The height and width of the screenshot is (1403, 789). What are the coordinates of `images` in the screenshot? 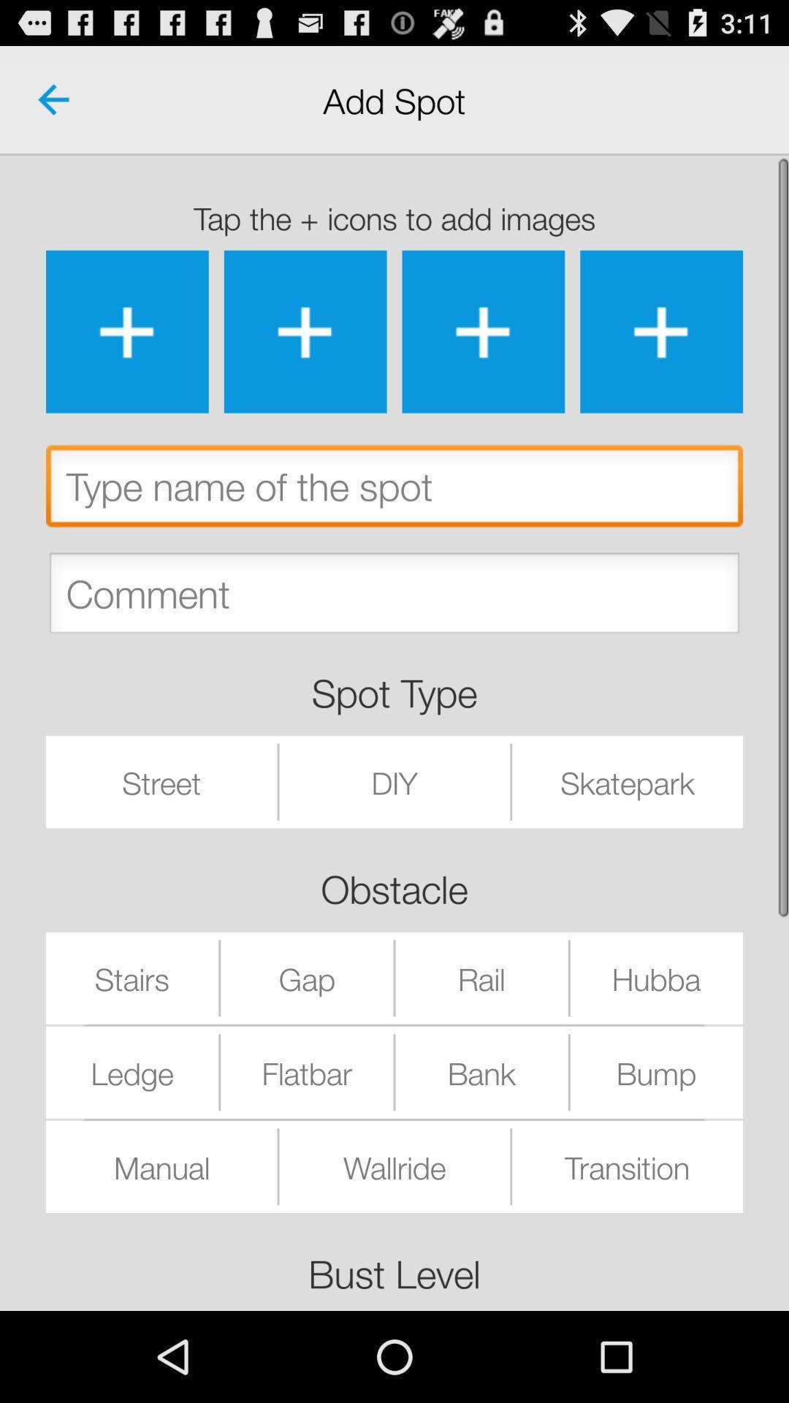 It's located at (126, 331).